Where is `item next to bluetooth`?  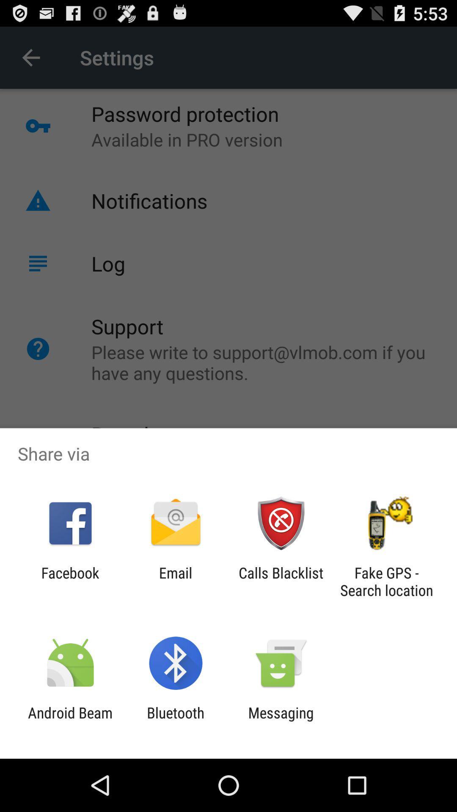
item next to bluetooth is located at coordinates (70, 721).